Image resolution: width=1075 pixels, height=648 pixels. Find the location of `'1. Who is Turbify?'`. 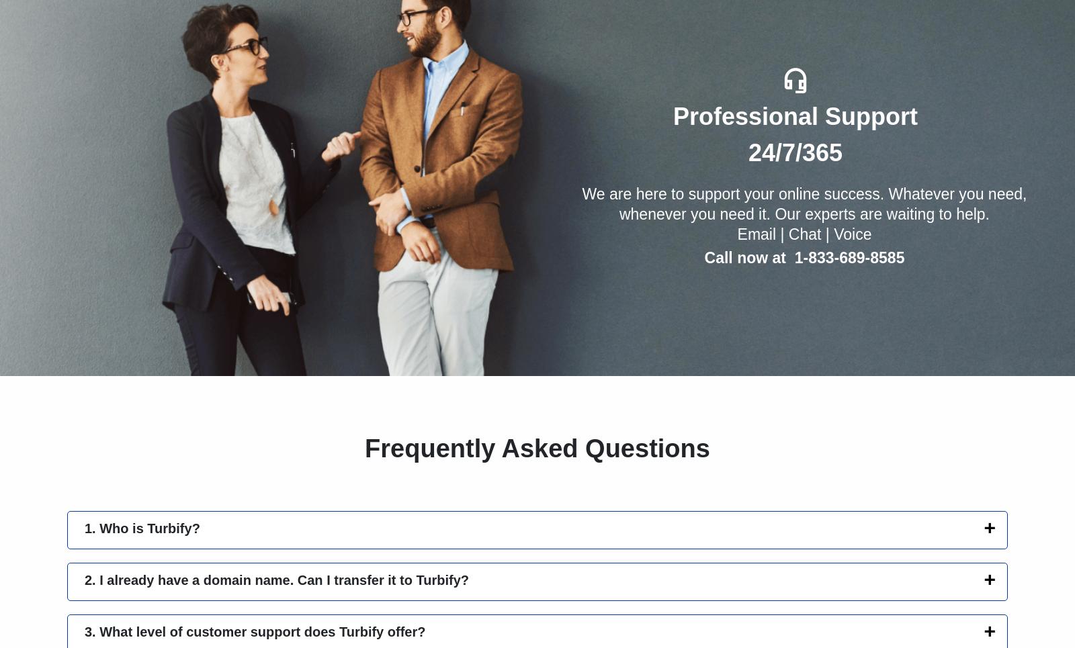

'1. Who is Turbify?' is located at coordinates (142, 527).